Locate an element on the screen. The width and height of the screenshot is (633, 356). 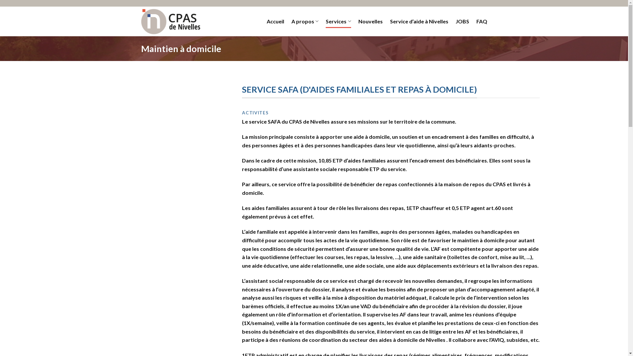
'A propos' is located at coordinates (305, 21).